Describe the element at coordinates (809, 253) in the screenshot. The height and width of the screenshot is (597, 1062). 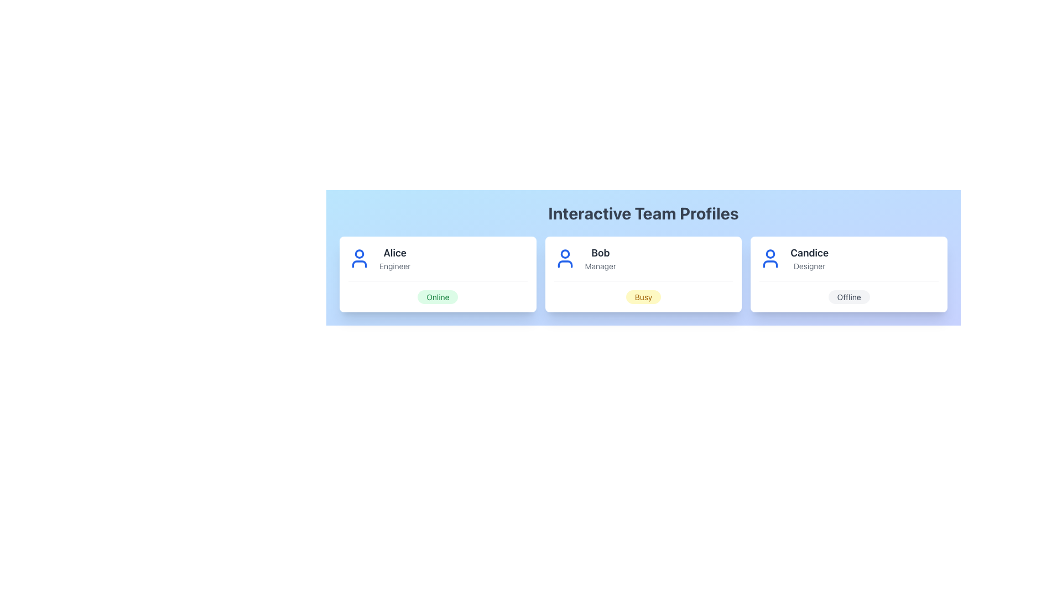
I see `the text label displaying the name 'Candice', which is positioned at the top of the rightmost card, above the subtitle 'Designer' and next to the blue profile icon` at that location.